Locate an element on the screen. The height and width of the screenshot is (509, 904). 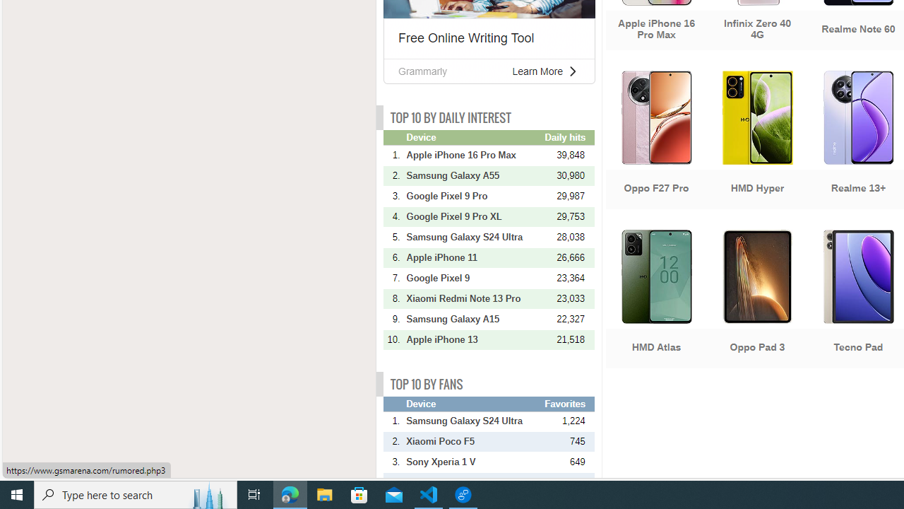
'Oppo Pad 3' is located at coordinates (756, 300).